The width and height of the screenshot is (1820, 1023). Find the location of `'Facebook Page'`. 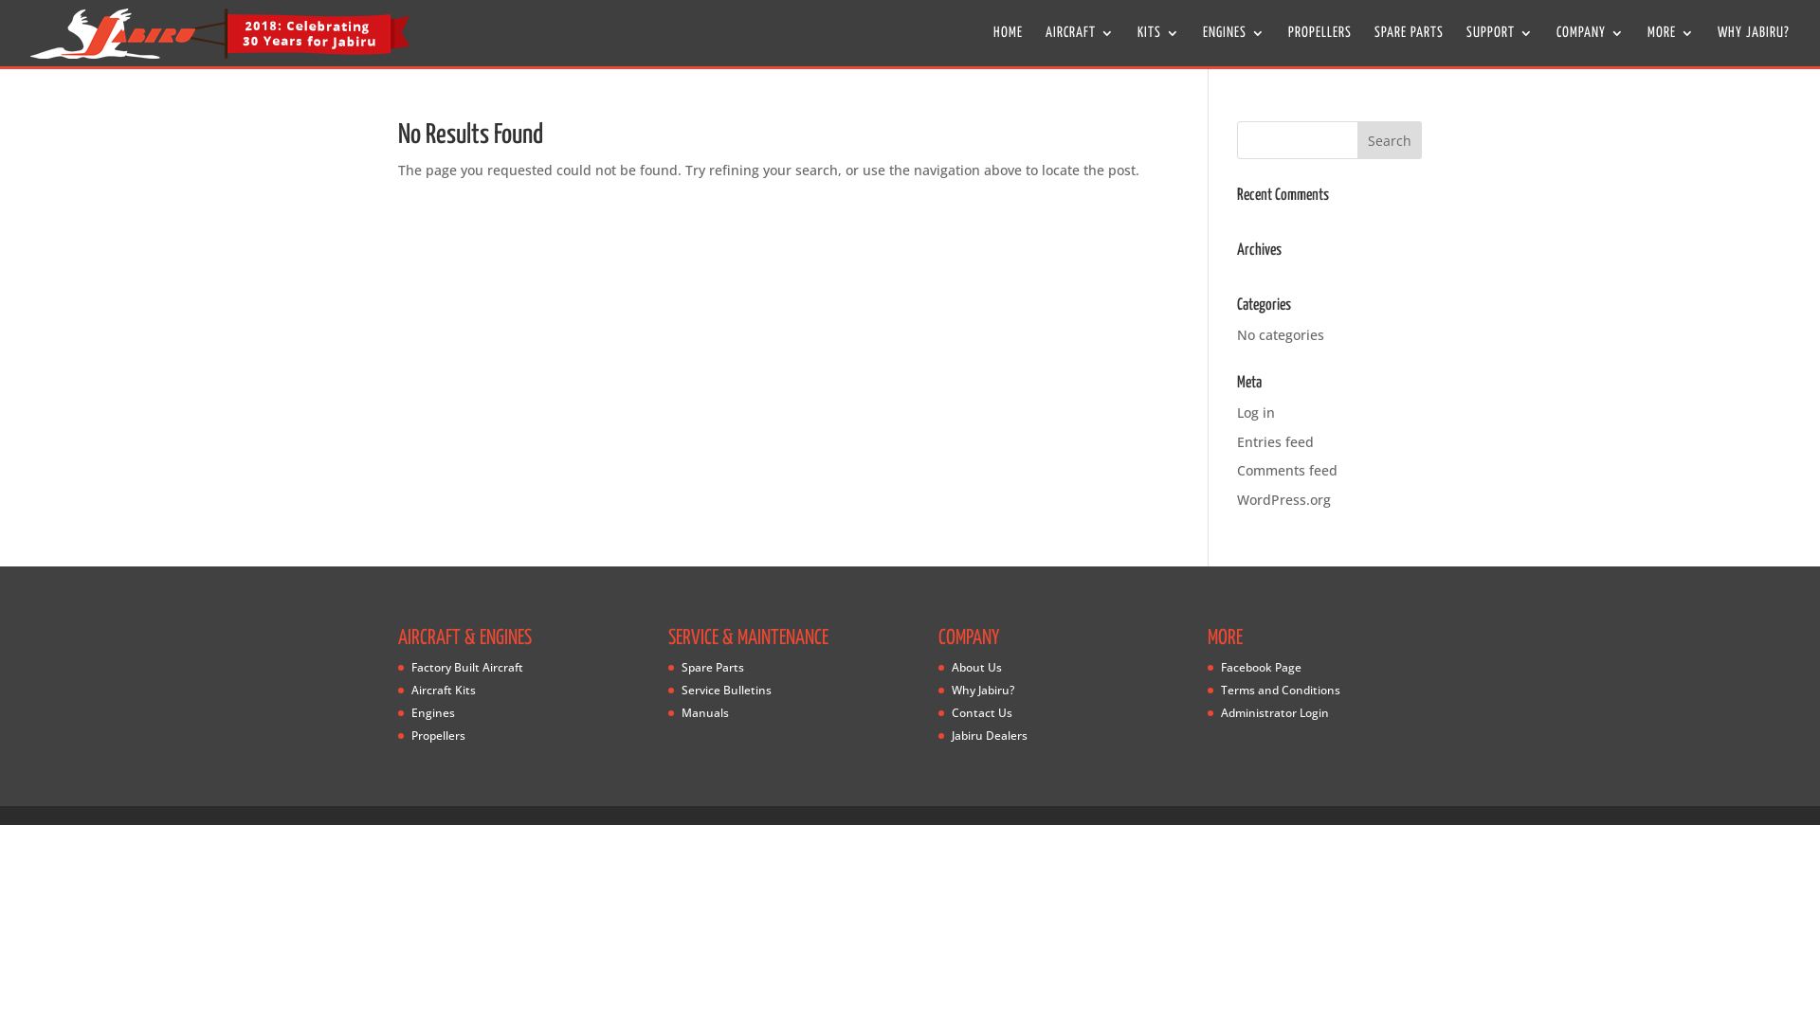

'Facebook Page' is located at coordinates (1261, 666).